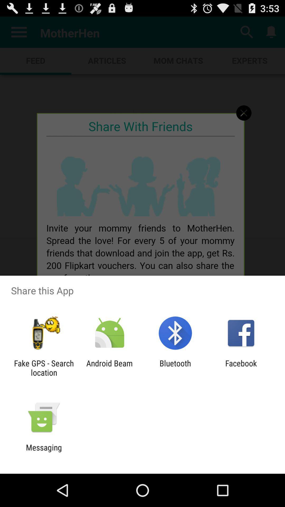 The image size is (285, 507). Describe the element at coordinates (44, 368) in the screenshot. I see `app next to android beam item` at that location.